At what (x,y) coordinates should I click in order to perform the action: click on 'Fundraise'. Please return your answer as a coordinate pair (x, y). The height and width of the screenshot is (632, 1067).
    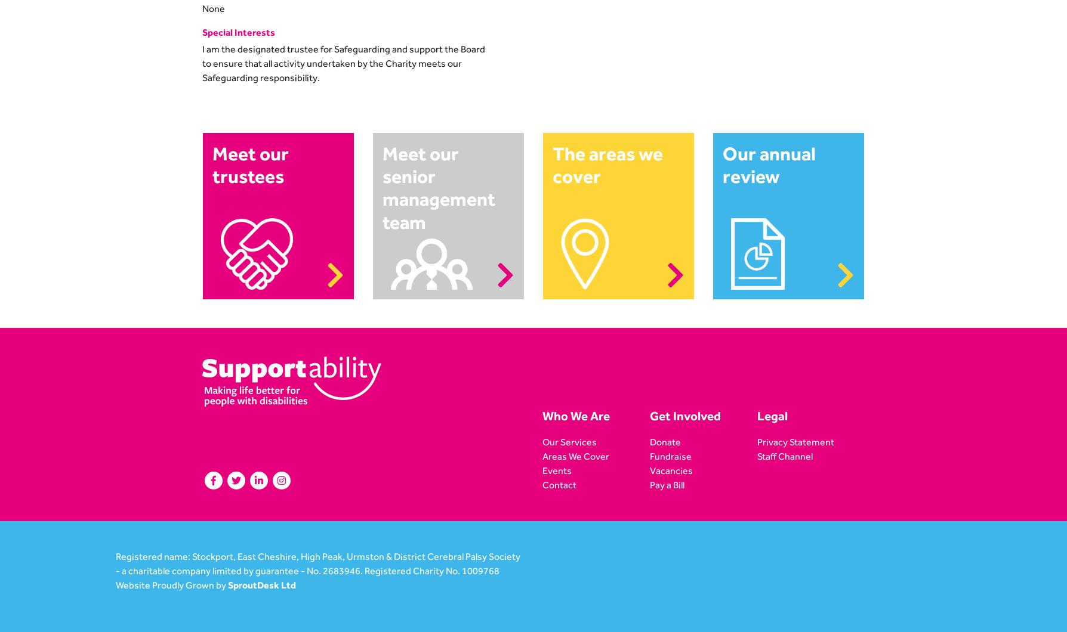
    Looking at the image, I should click on (670, 456).